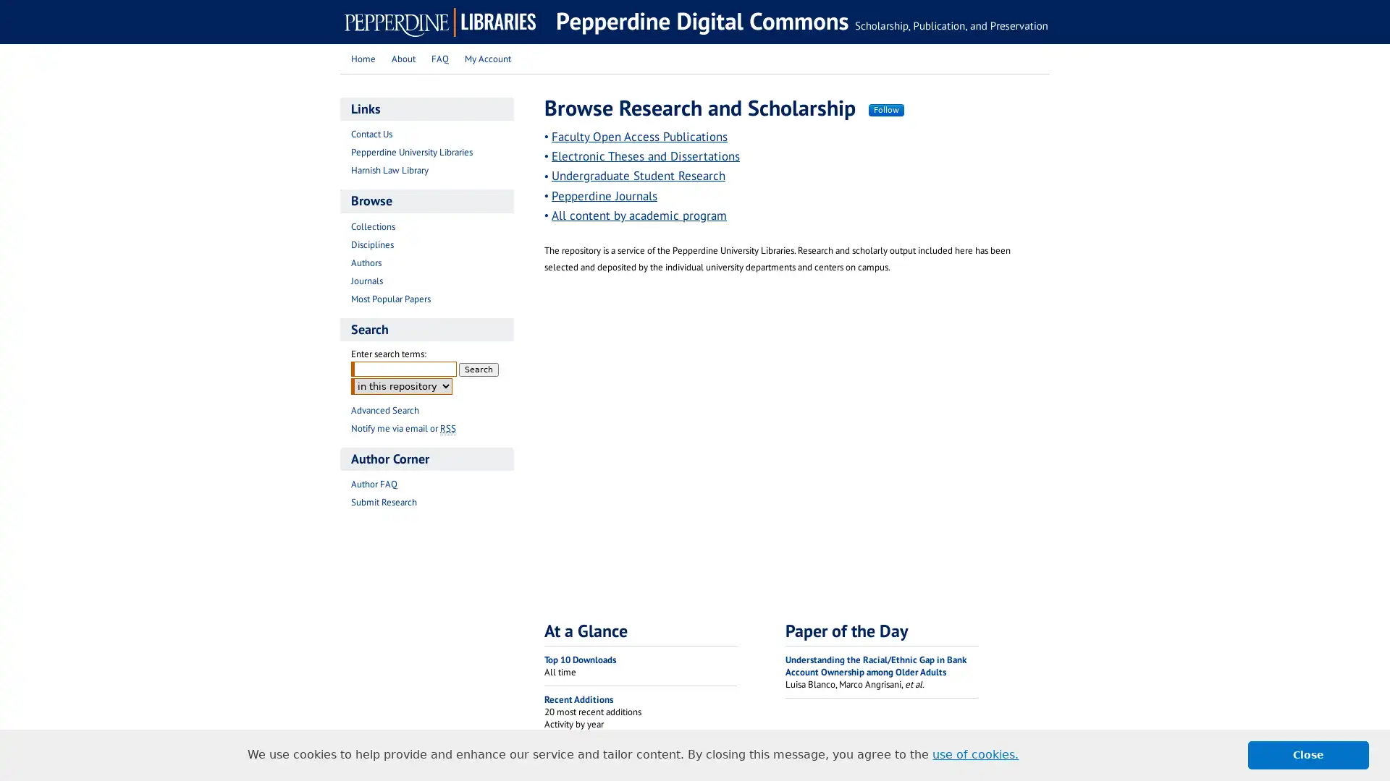 This screenshot has width=1390, height=781. I want to click on dismiss cookie message, so click(1308, 754).